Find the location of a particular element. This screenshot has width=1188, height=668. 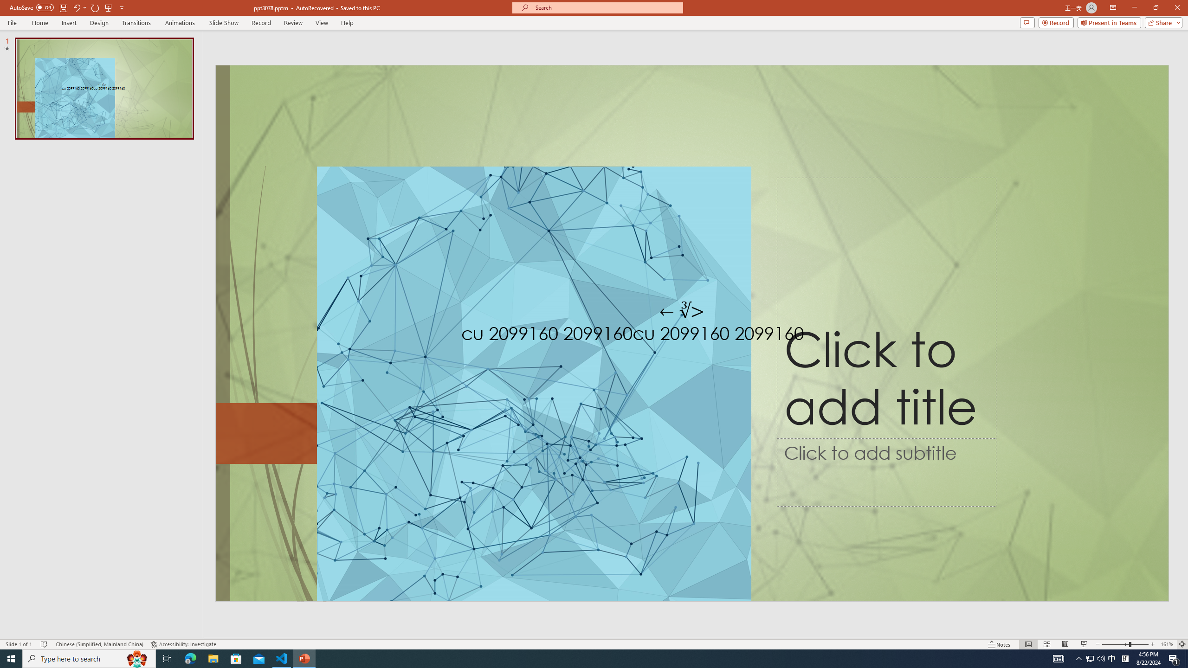

'Zoom 161%' is located at coordinates (1167, 644).